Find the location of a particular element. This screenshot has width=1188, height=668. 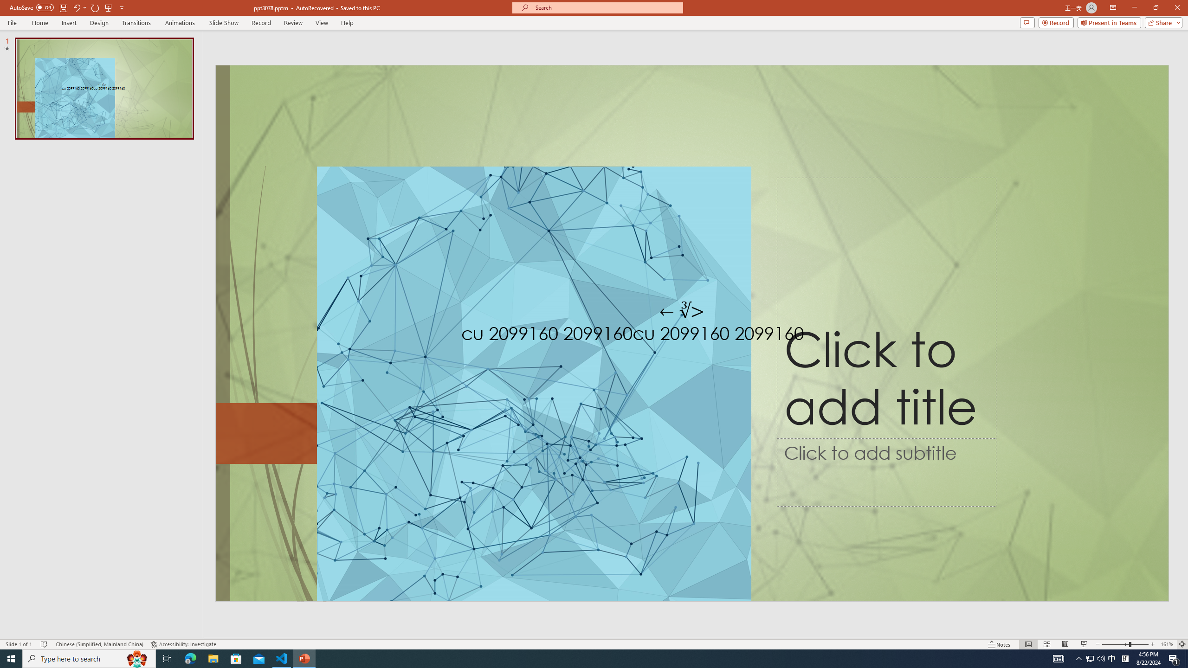

'Zoom 161%' is located at coordinates (1167, 644).